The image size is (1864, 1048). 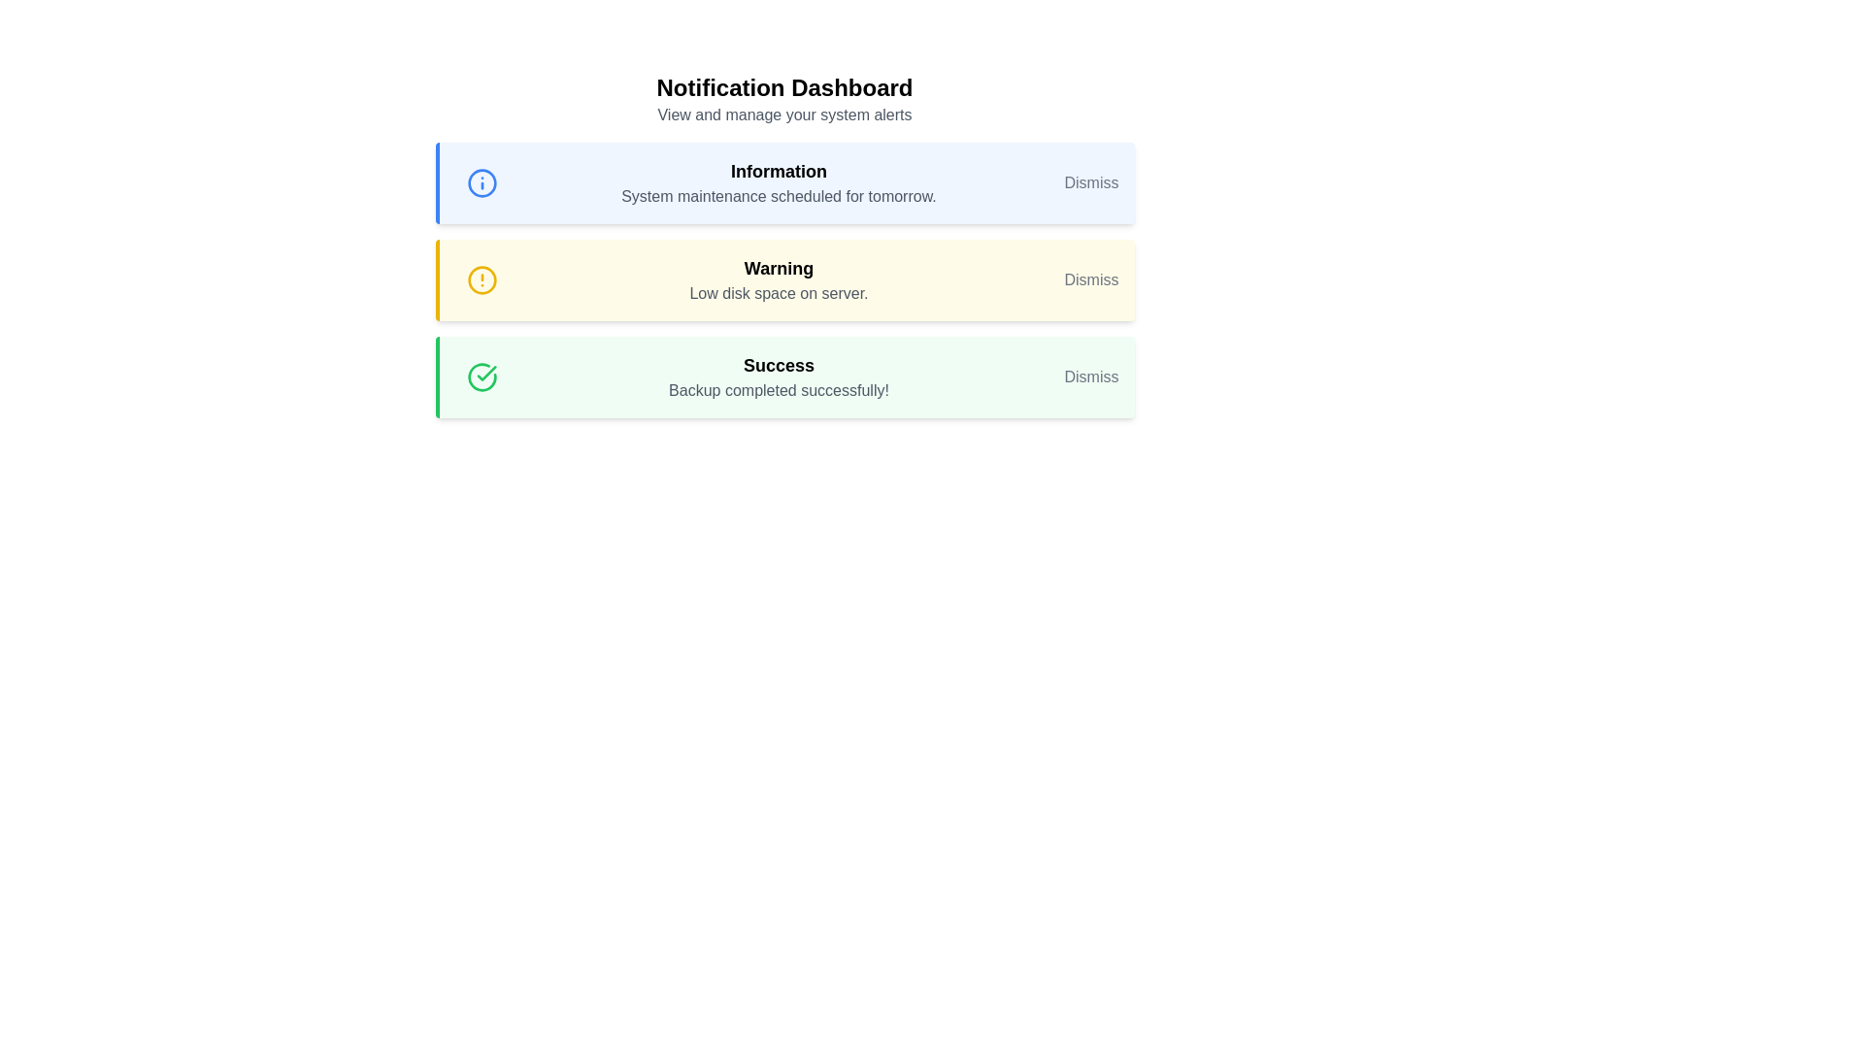 I want to click on the dismiss button located at the far right of the warning notification card, so click(x=1091, y=280).